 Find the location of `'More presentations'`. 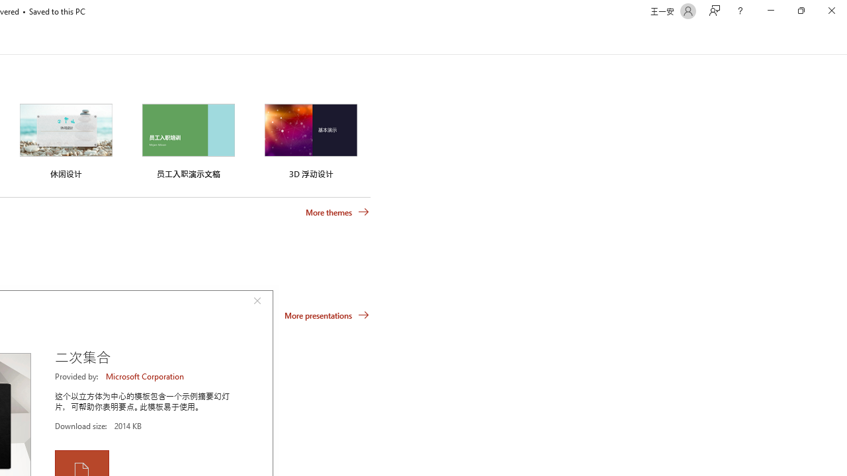

'More presentations' is located at coordinates (327, 315).